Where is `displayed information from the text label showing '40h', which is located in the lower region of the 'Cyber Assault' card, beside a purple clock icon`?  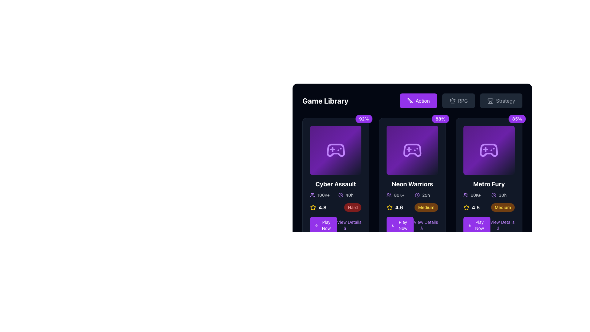
displayed information from the text label showing '40h', which is located in the lower region of the 'Cyber Assault' card, beside a purple clock icon is located at coordinates (349, 195).